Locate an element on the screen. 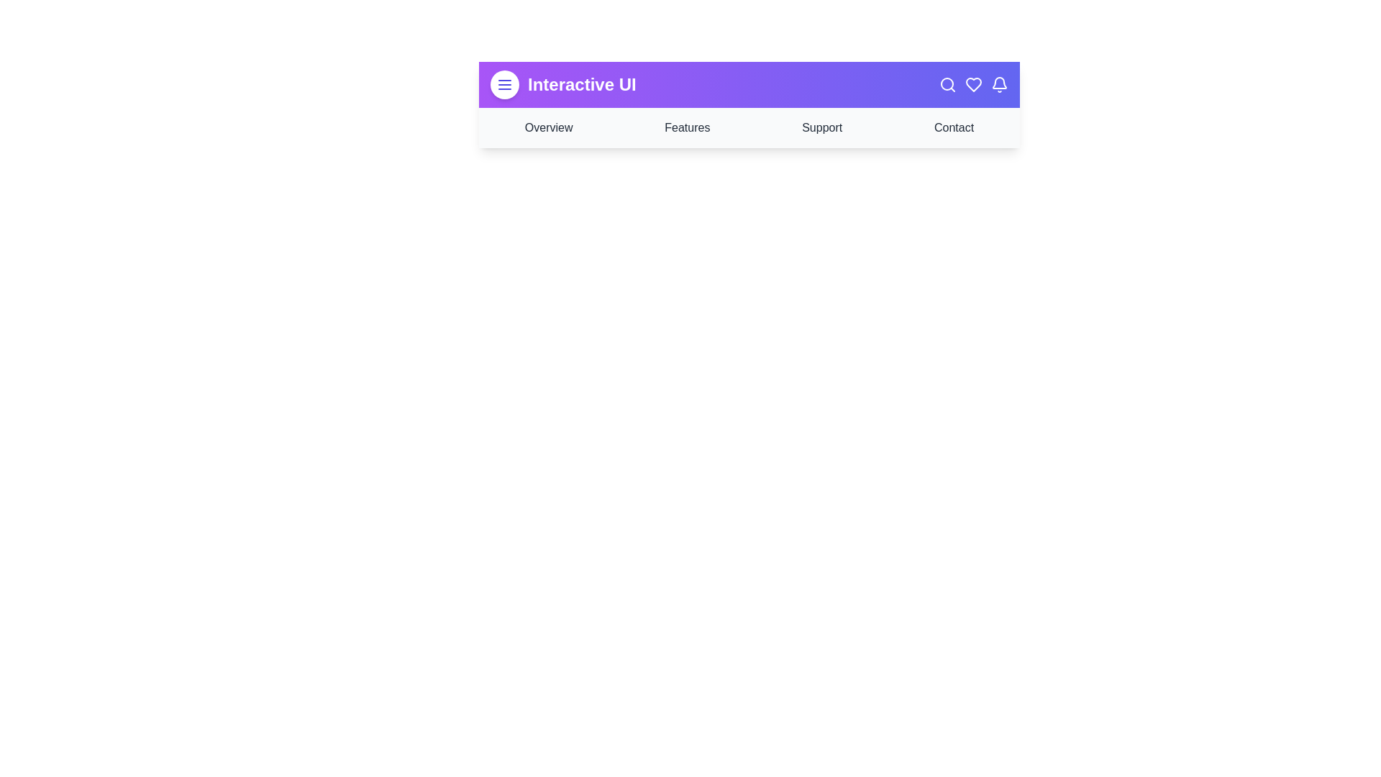  the hamburger button to toggle the menu is located at coordinates (504, 85).